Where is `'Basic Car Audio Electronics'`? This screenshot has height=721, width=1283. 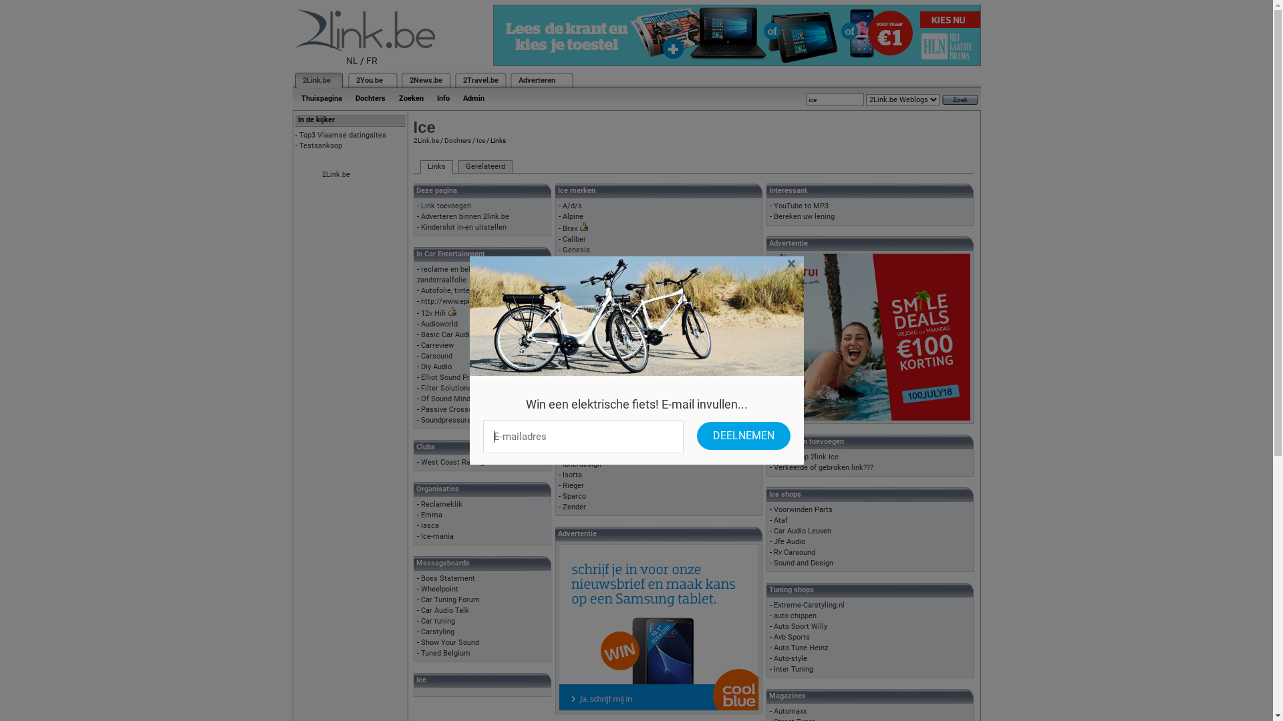 'Basic Car Audio Electronics' is located at coordinates (420, 334).